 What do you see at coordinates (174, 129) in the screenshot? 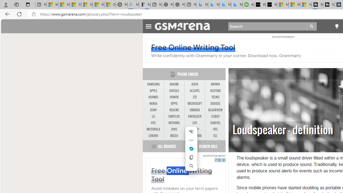
I see `'VIVO'` at bounding box center [174, 129].